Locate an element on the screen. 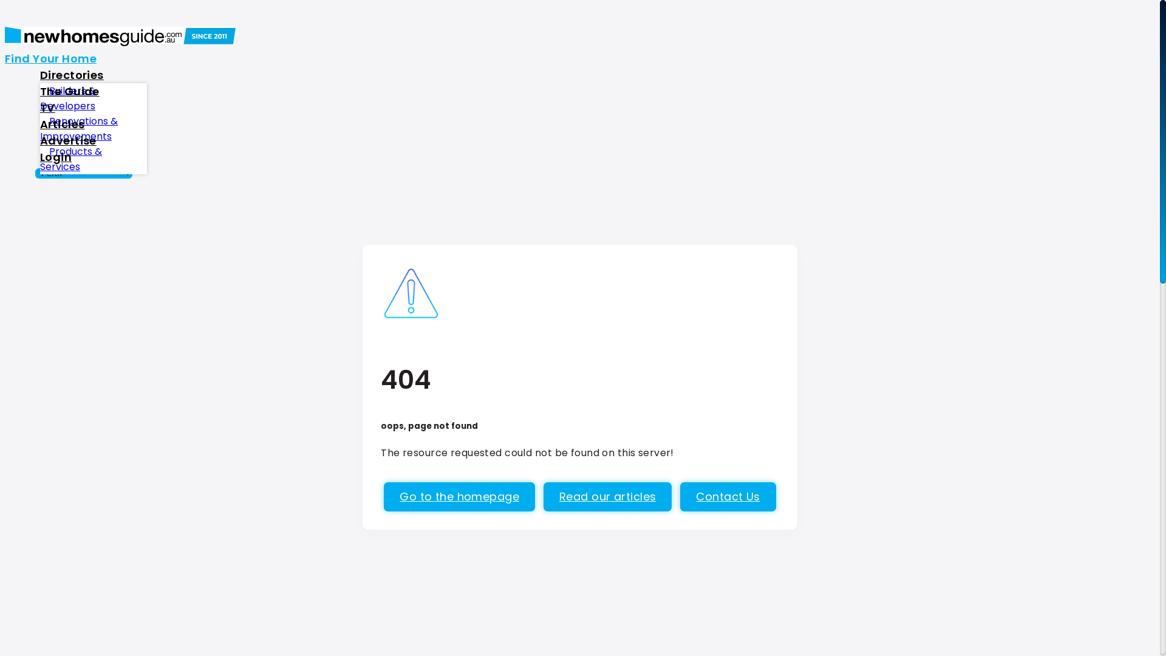  'Builders & Developers' is located at coordinates (40, 98).